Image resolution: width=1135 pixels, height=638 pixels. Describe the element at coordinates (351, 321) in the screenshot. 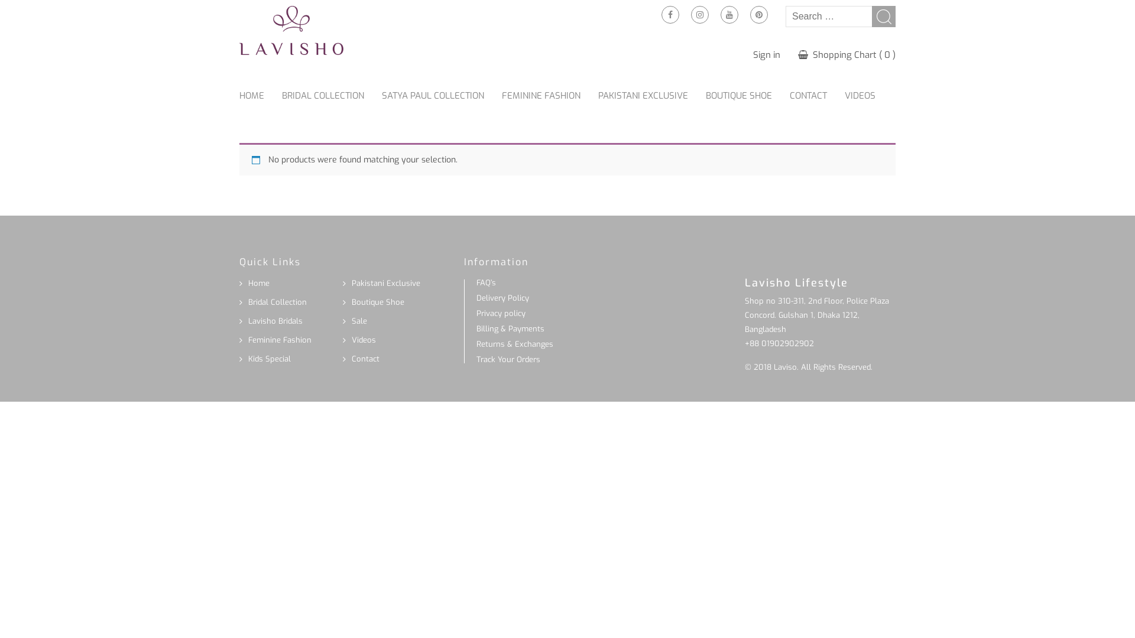

I see `'Sale'` at that location.